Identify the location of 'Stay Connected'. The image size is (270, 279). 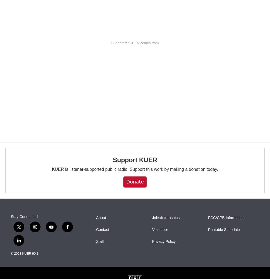
(11, 216).